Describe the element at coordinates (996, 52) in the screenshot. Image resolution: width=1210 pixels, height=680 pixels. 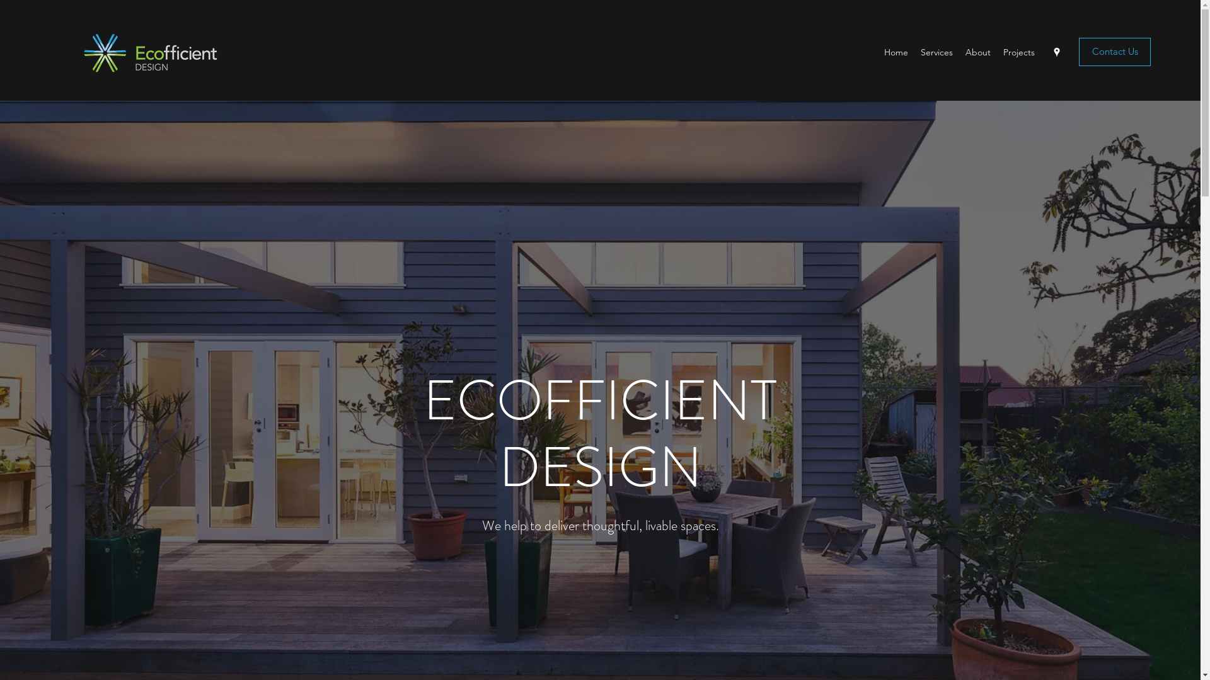
I see `'Projects'` at that location.